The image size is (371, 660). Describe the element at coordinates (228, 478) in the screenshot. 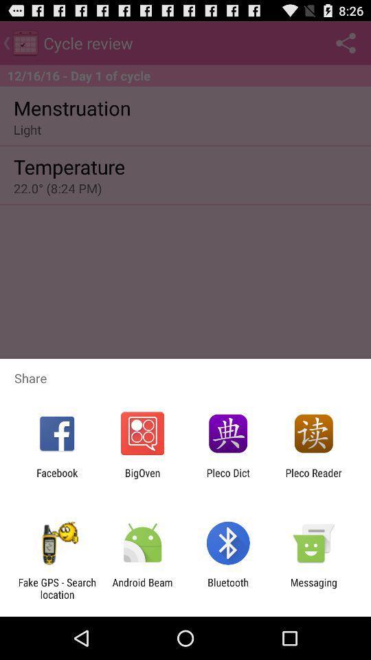

I see `item to the left of the pleco reader` at that location.